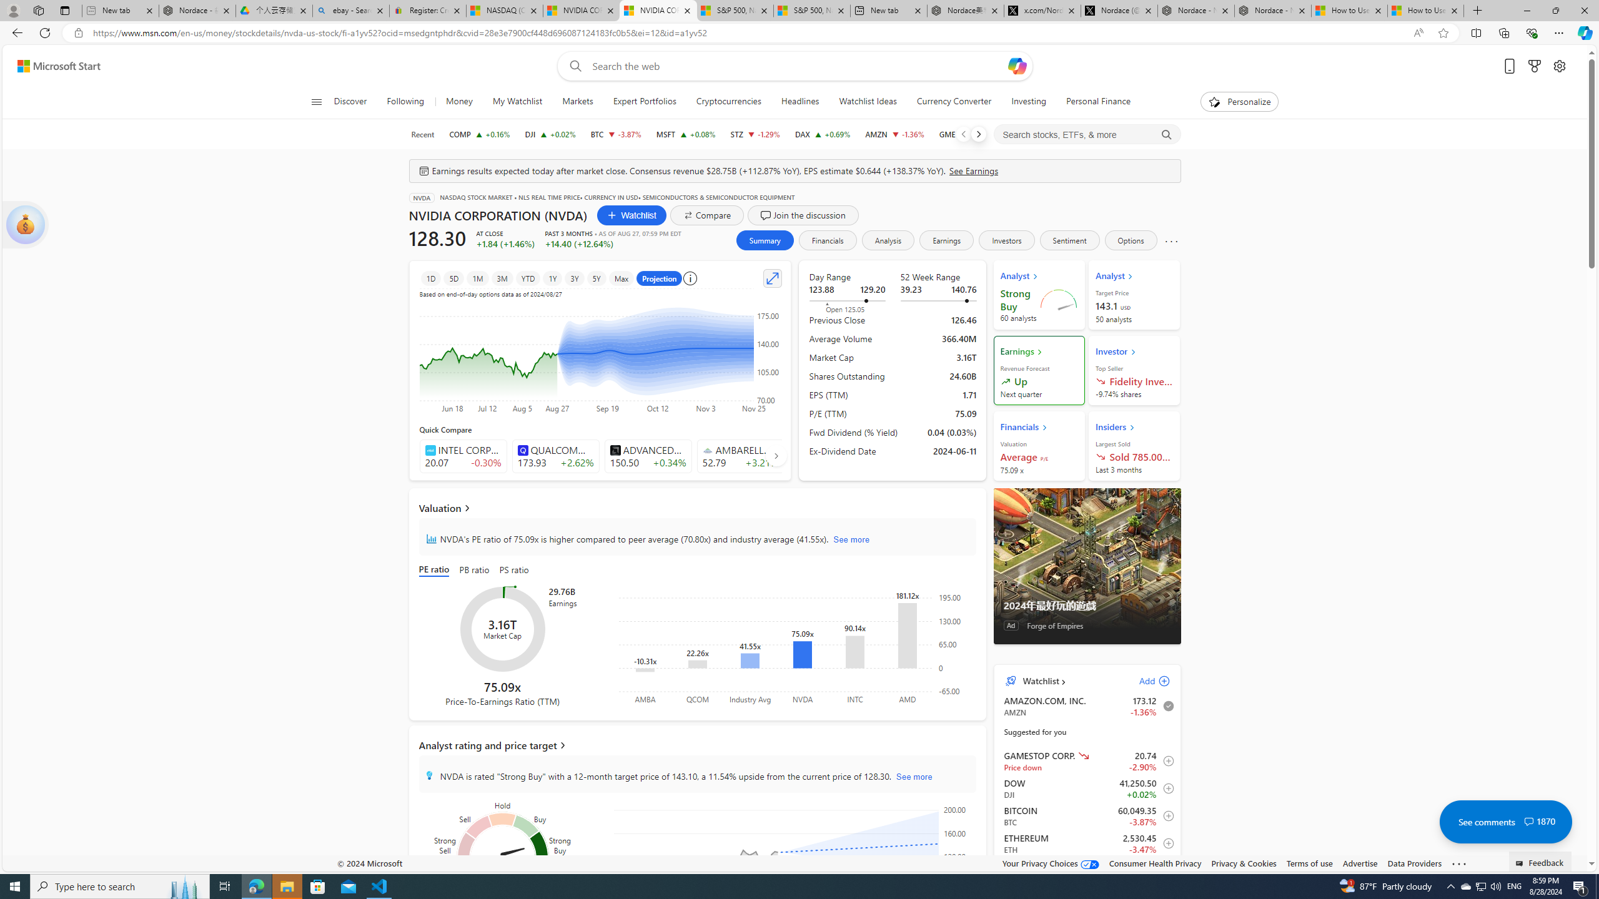 This screenshot has width=1599, height=899. Describe the element at coordinates (755, 134) in the screenshot. I see `'STZ CONSTELLATION BRANDS, INC. decrease 239.98 -3.13 -1.29%'` at that location.